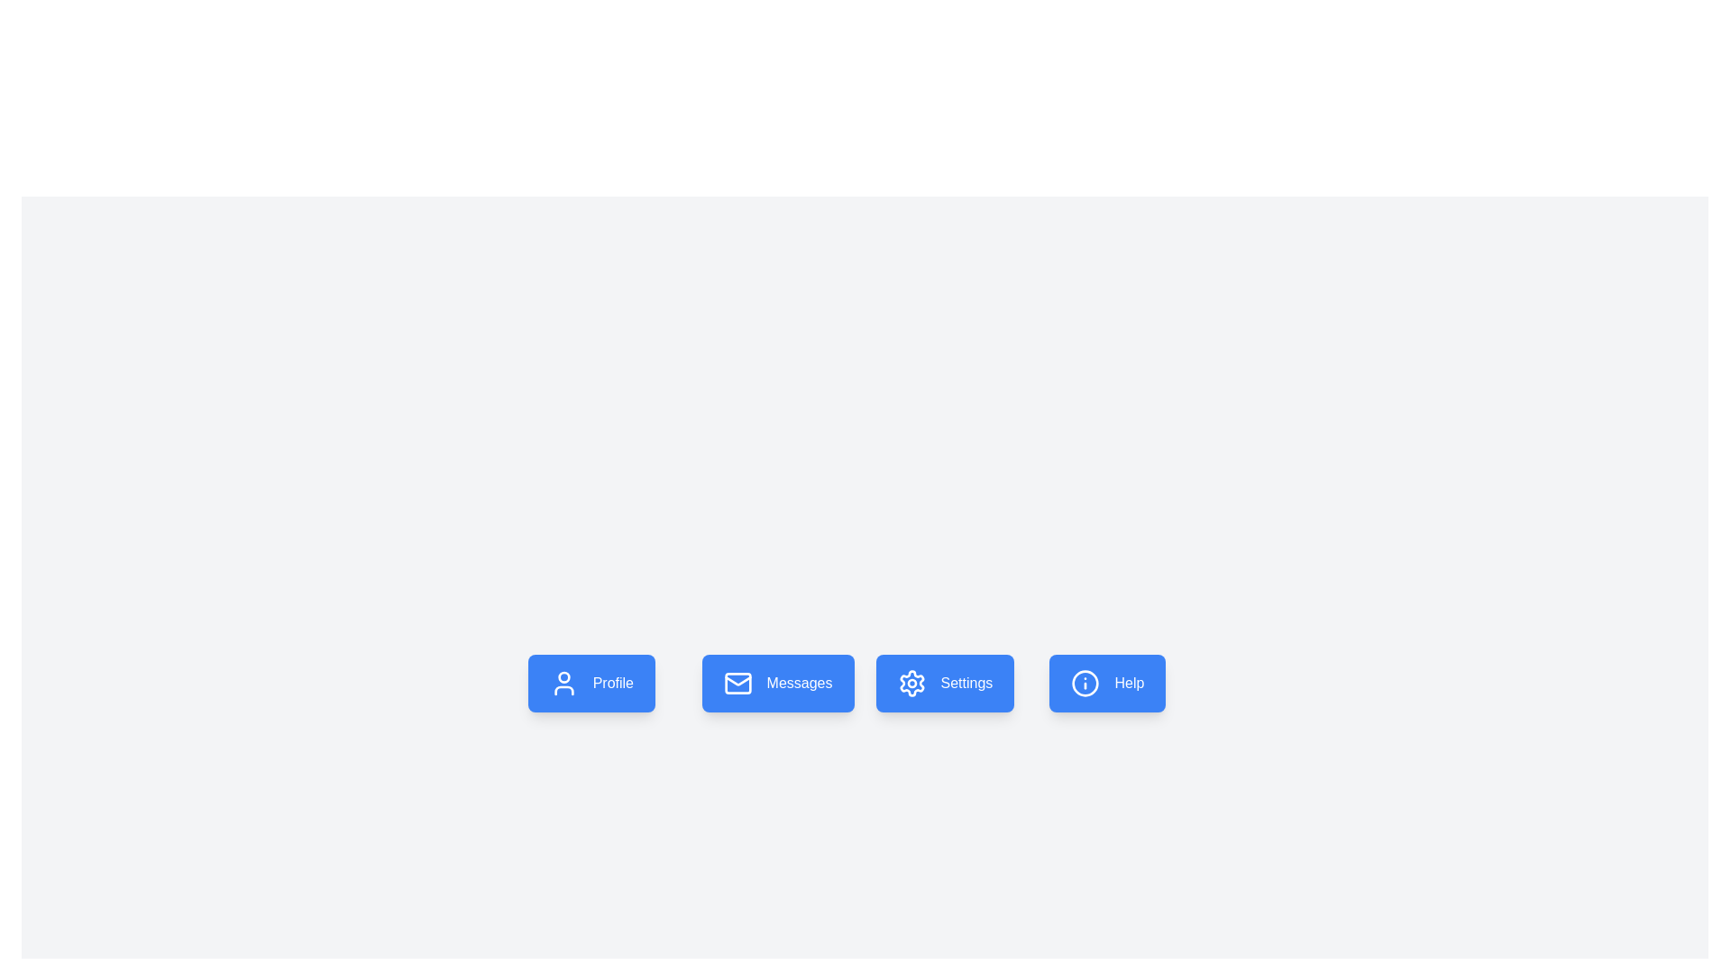 The width and height of the screenshot is (1731, 974). What do you see at coordinates (737, 684) in the screenshot?
I see `the mail or message icon located within the 'Messages' button, the second button from the left in a horizontal row of buttons` at bounding box center [737, 684].